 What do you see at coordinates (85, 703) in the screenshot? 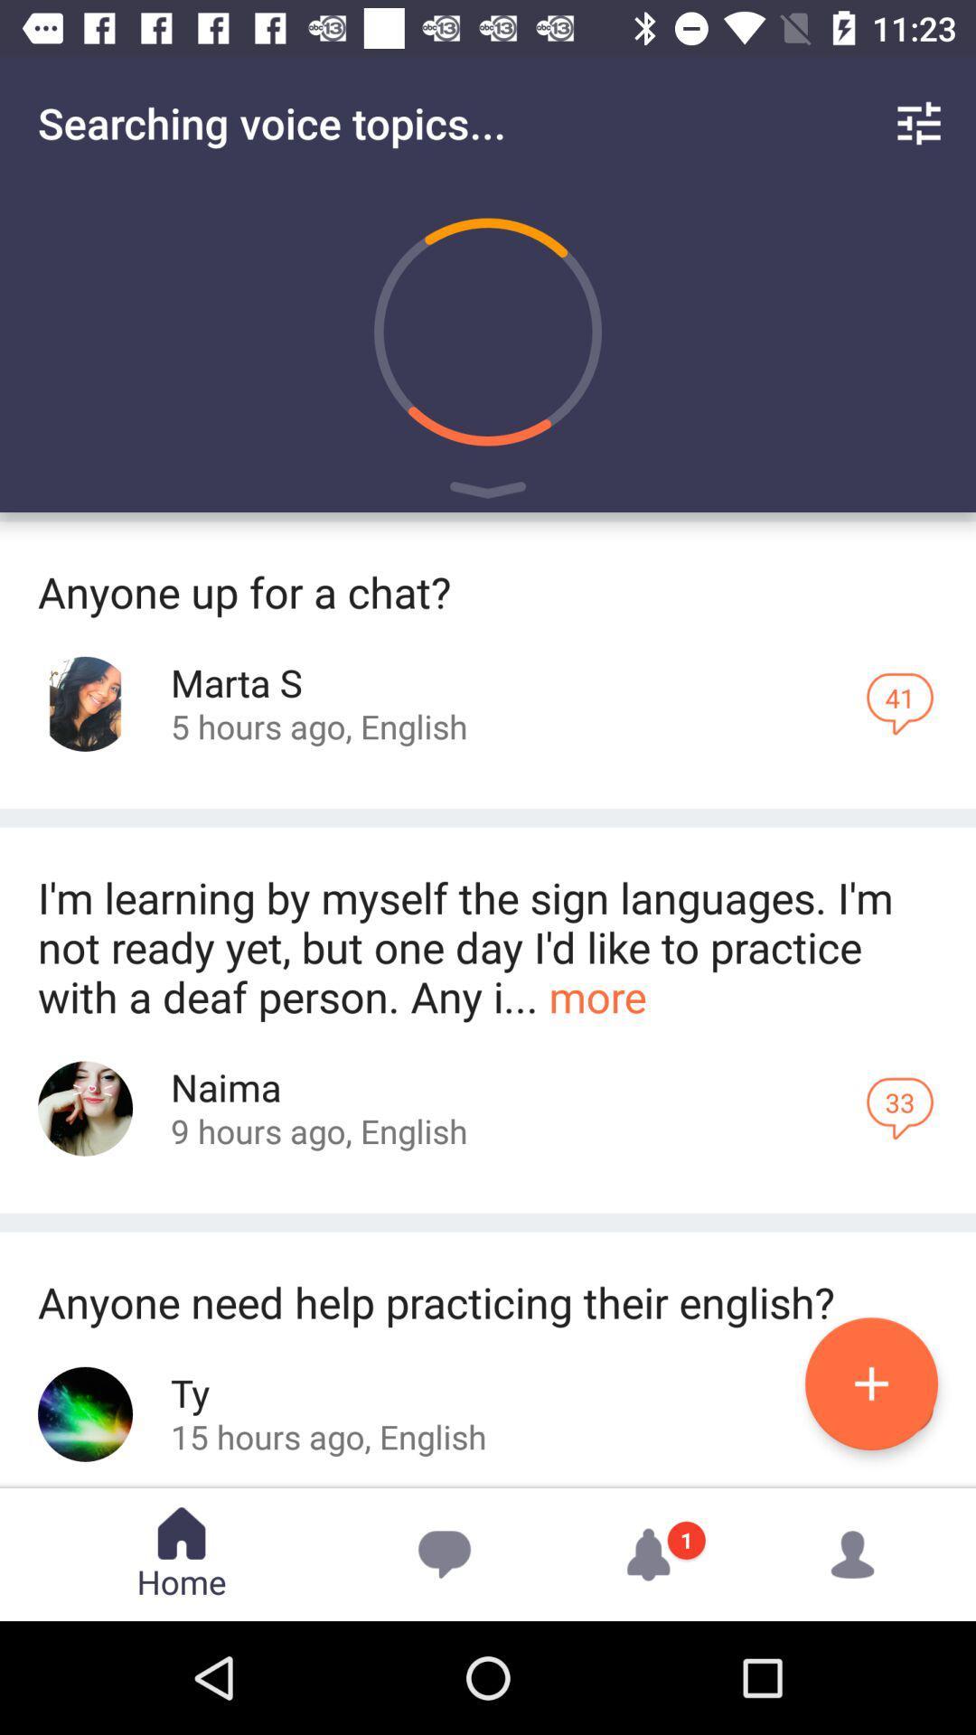
I see `what sup page` at bounding box center [85, 703].